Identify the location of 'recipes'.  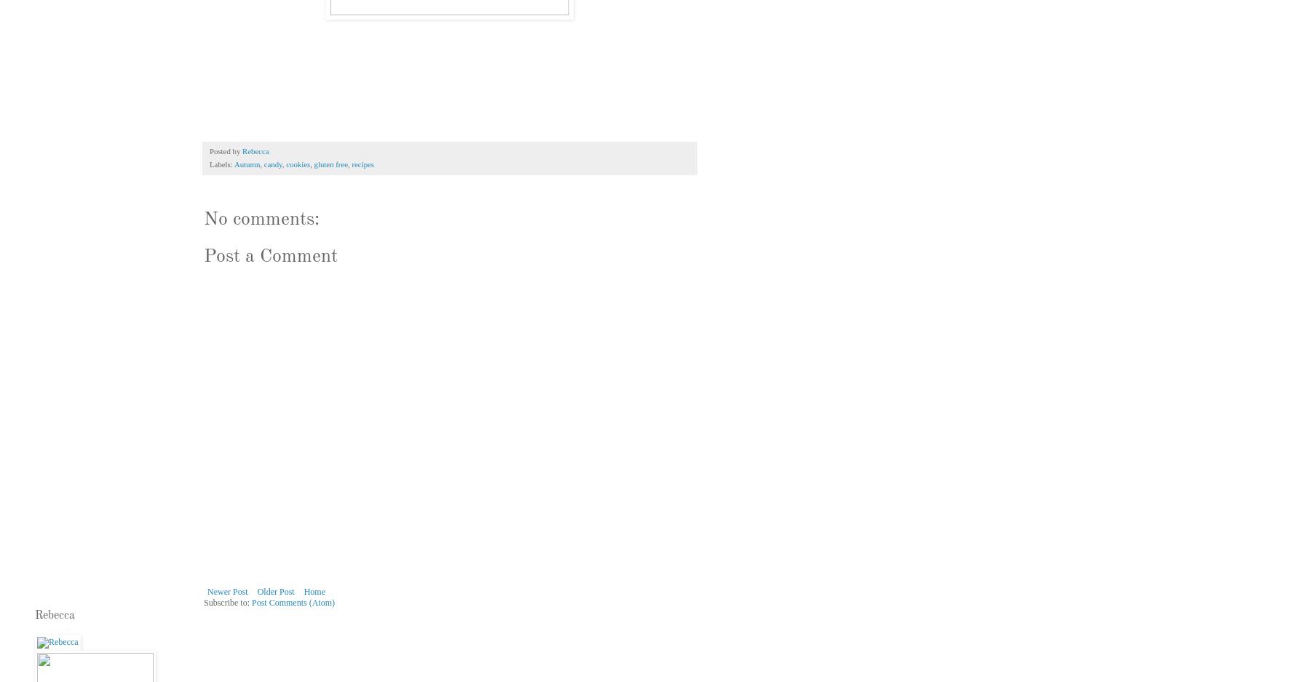
(362, 164).